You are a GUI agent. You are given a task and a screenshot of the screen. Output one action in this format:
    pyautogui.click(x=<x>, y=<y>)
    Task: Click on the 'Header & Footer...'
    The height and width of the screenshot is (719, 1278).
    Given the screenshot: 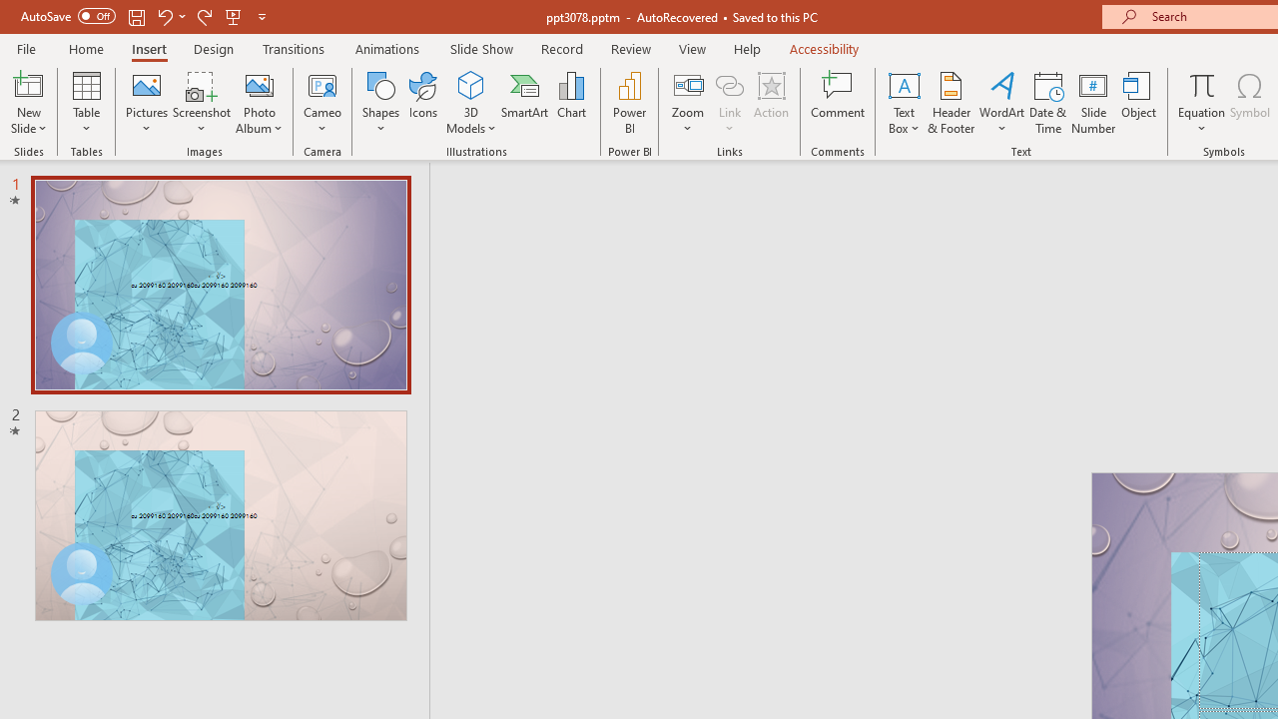 What is the action you would take?
    pyautogui.click(x=950, y=103)
    